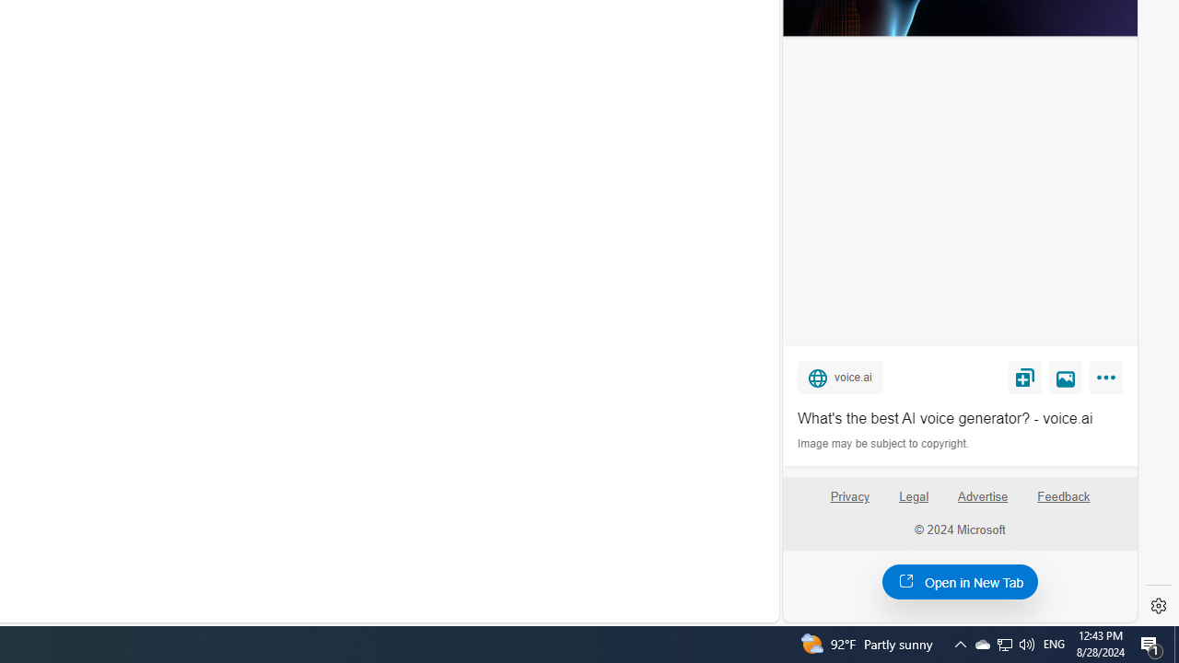 The height and width of the screenshot is (663, 1179). I want to click on 'voice.ai', so click(839, 376).